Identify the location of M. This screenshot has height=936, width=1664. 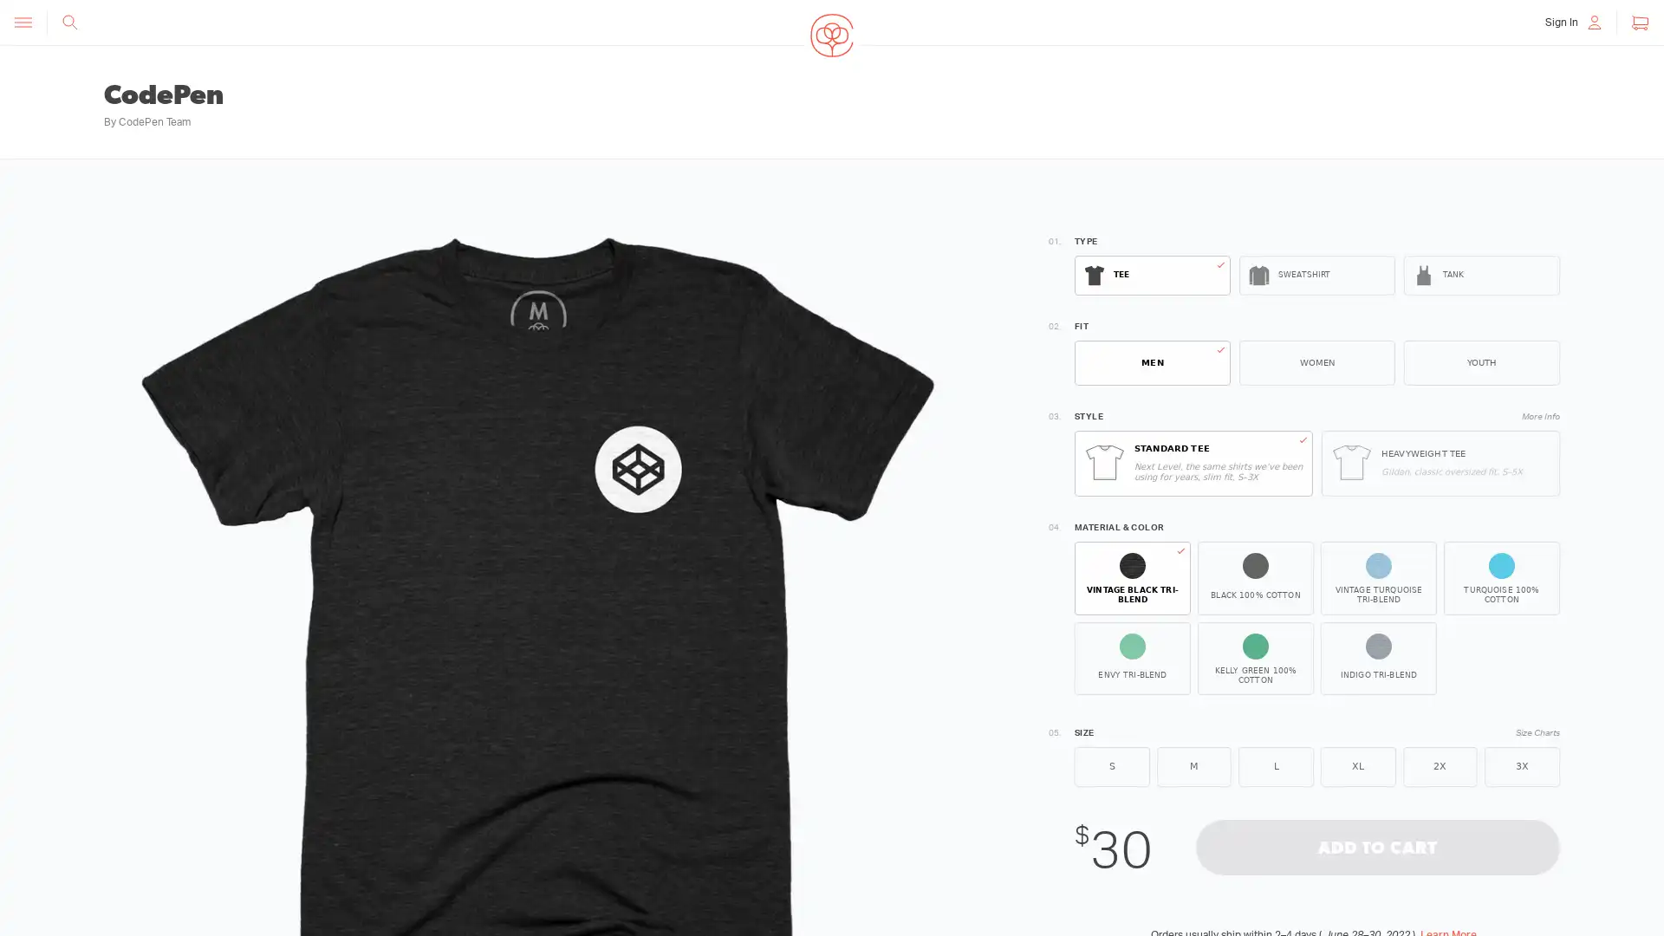
(1193, 765).